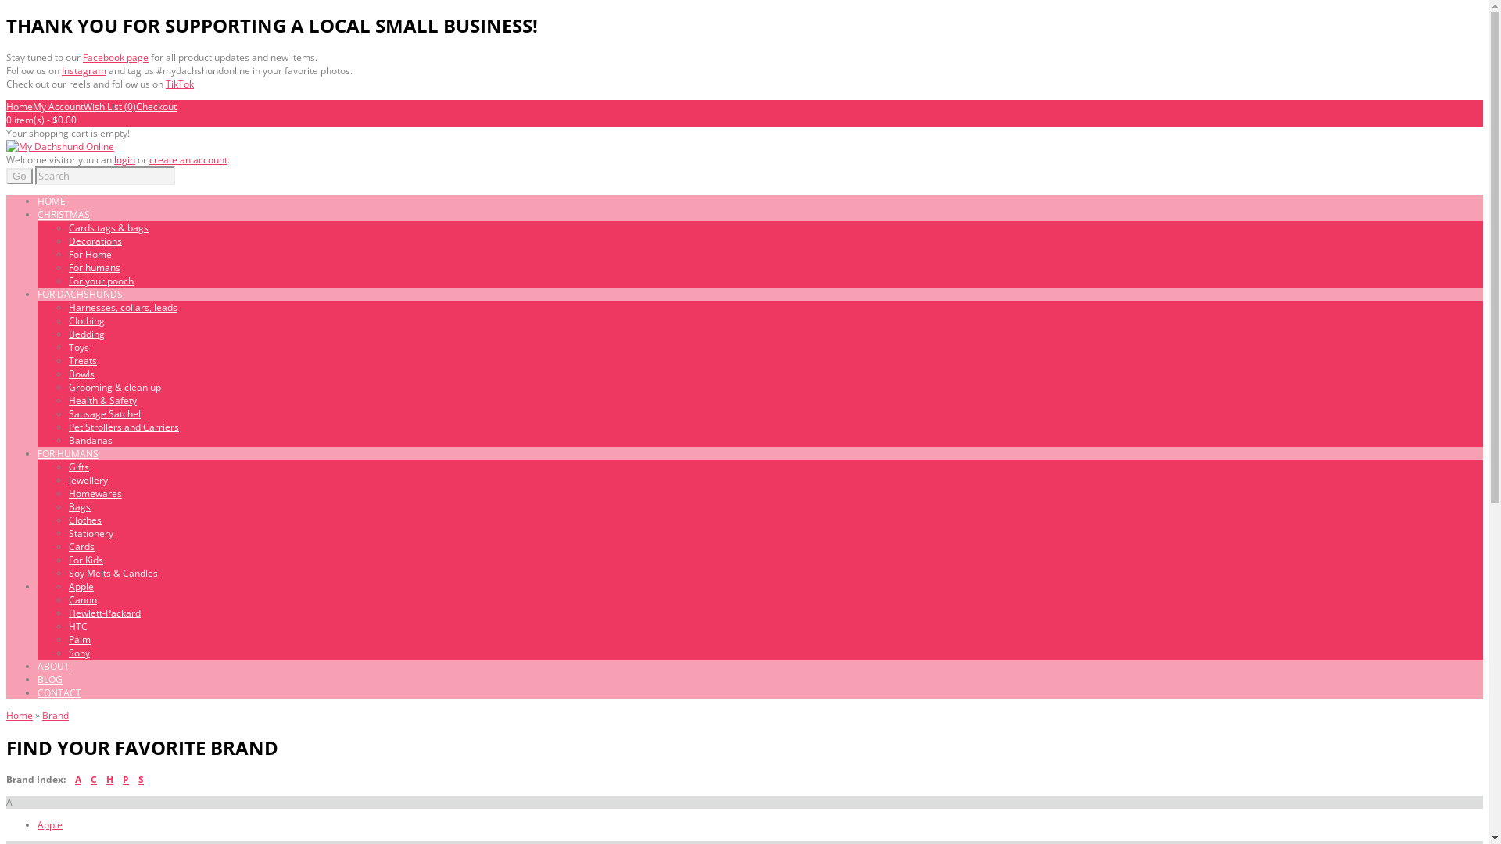 This screenshot has height=844, width=1501. What do you see at coordinates (141, 779) in the screenshot?
I see `'S'` at bounding box center [141, 779].